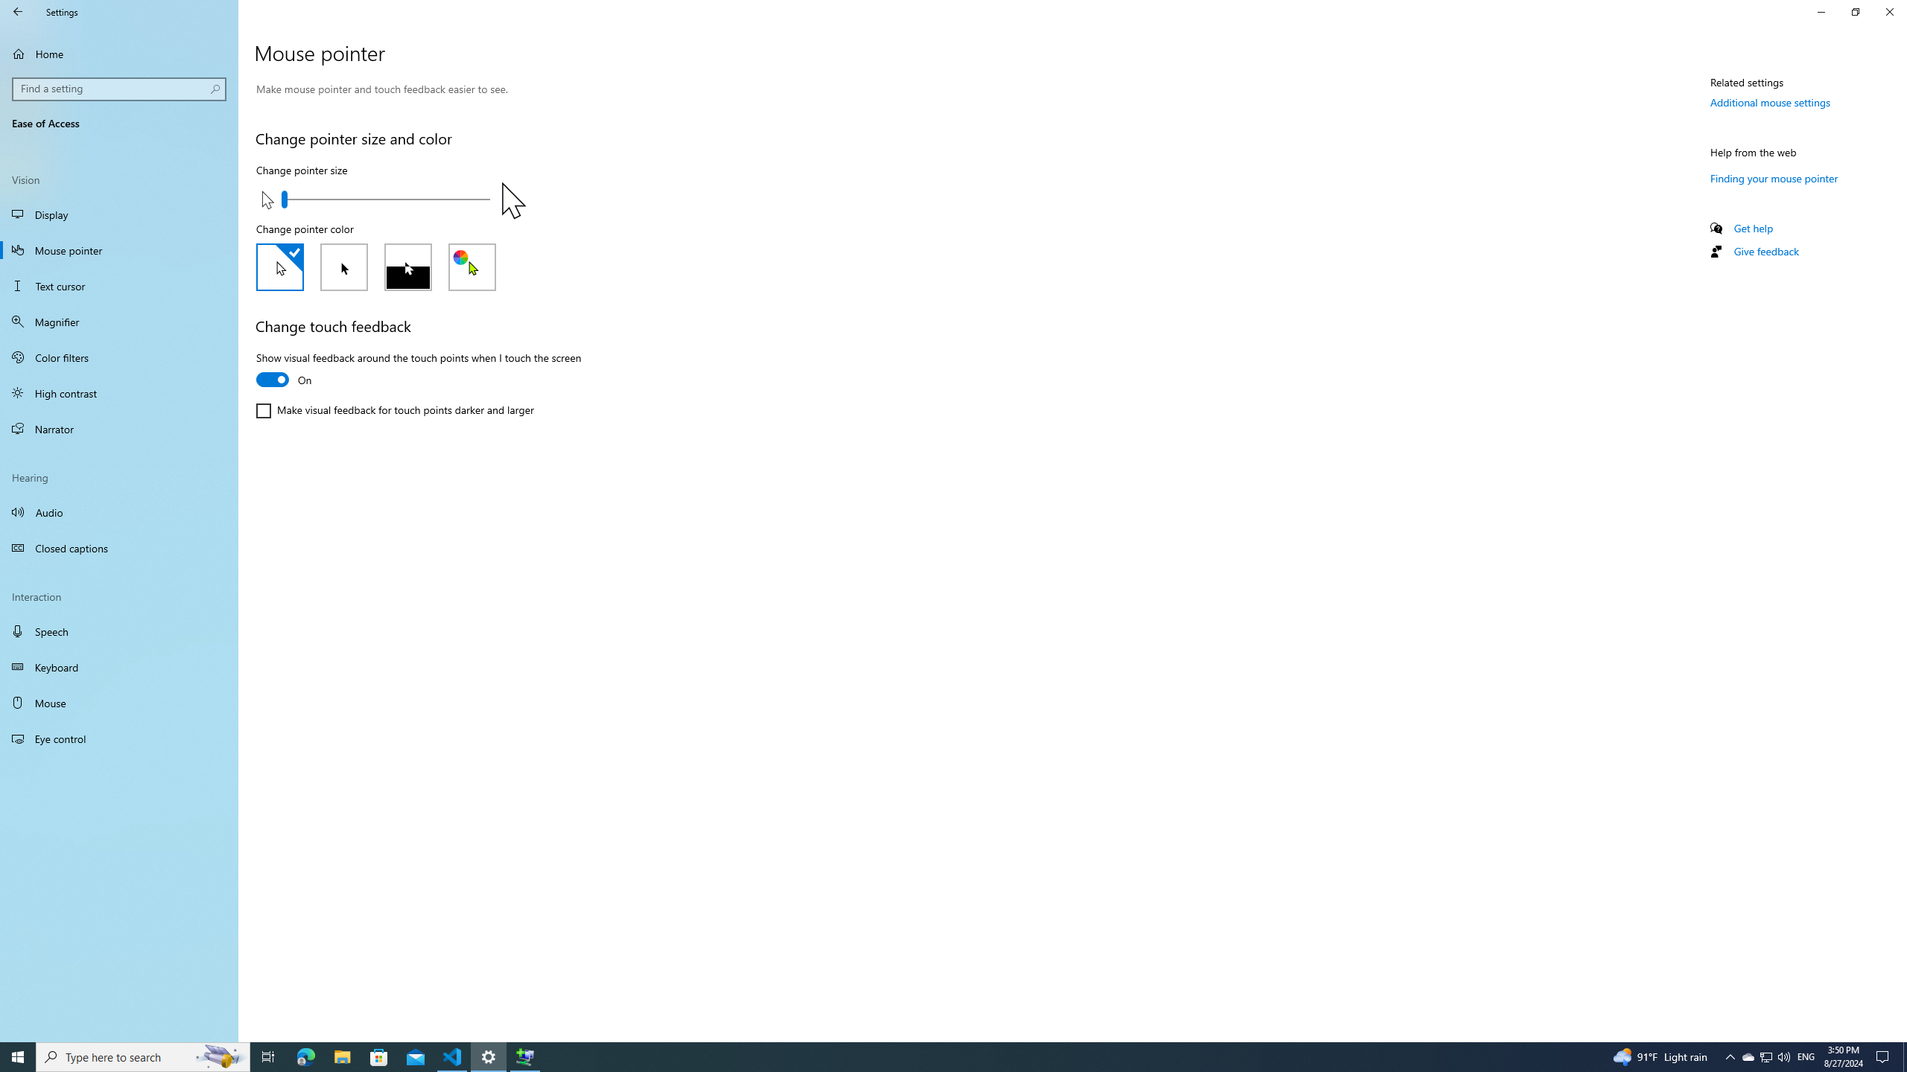 The width and height of the screenshot is (1907, 1072). I want to click on 'Color filters', so click(118, 357).